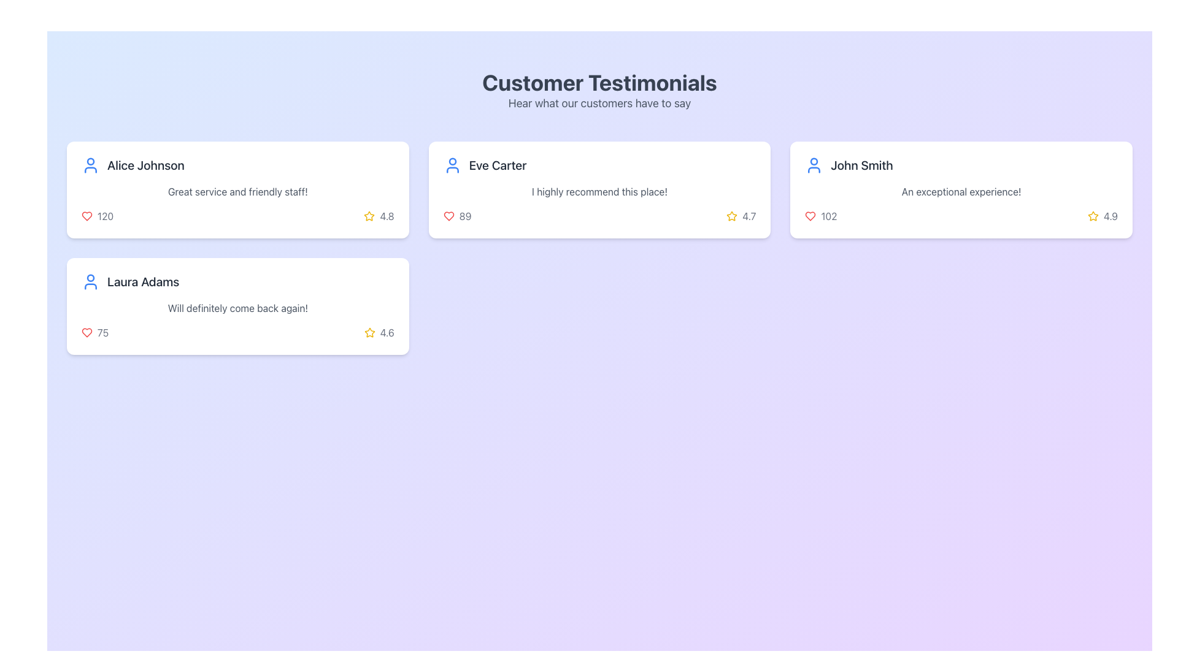 The image size is (1178, 662). Describe the element at coordinates (810, 216) in the screenshot. I see `the heart-shaped icon in the bottom-left corner of the testimonial card for 'John Smith' to like or interact with it` at that location.